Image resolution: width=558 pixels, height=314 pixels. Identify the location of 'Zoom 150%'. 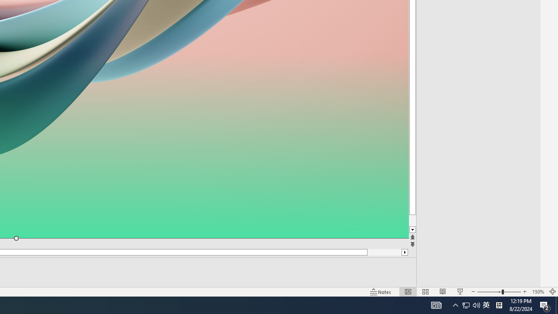
(538, 292).